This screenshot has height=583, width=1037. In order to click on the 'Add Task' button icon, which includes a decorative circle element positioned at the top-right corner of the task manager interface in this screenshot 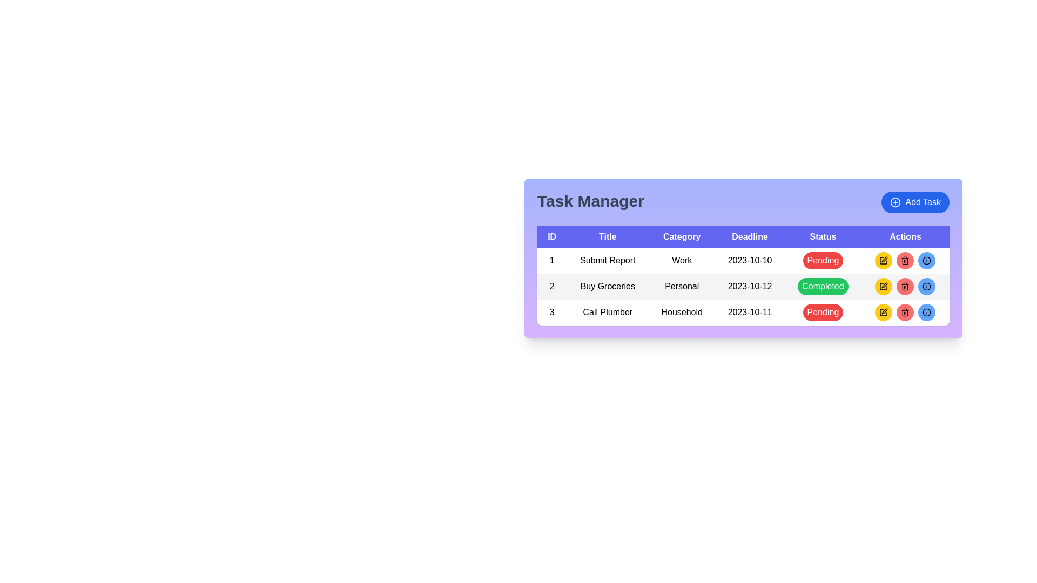, I will do `click(895, 202)`.